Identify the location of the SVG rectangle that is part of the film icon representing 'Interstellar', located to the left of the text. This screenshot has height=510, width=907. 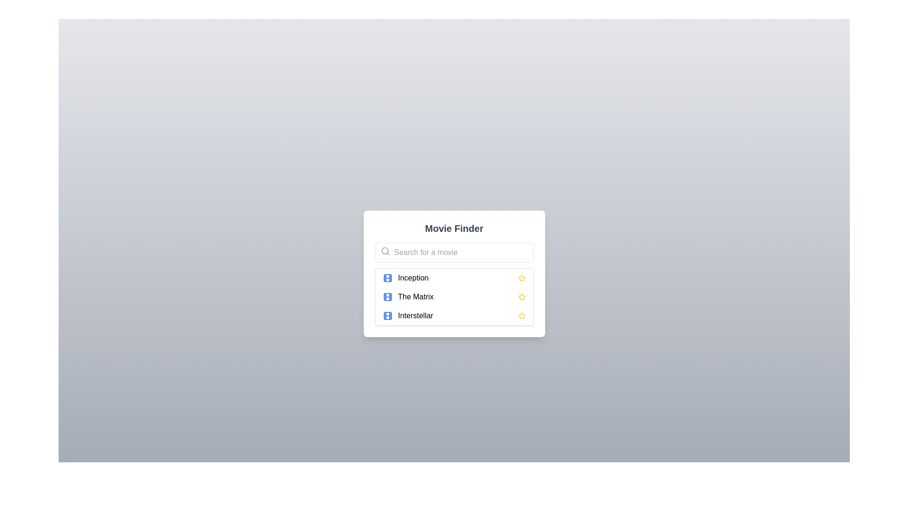
(387, 315).